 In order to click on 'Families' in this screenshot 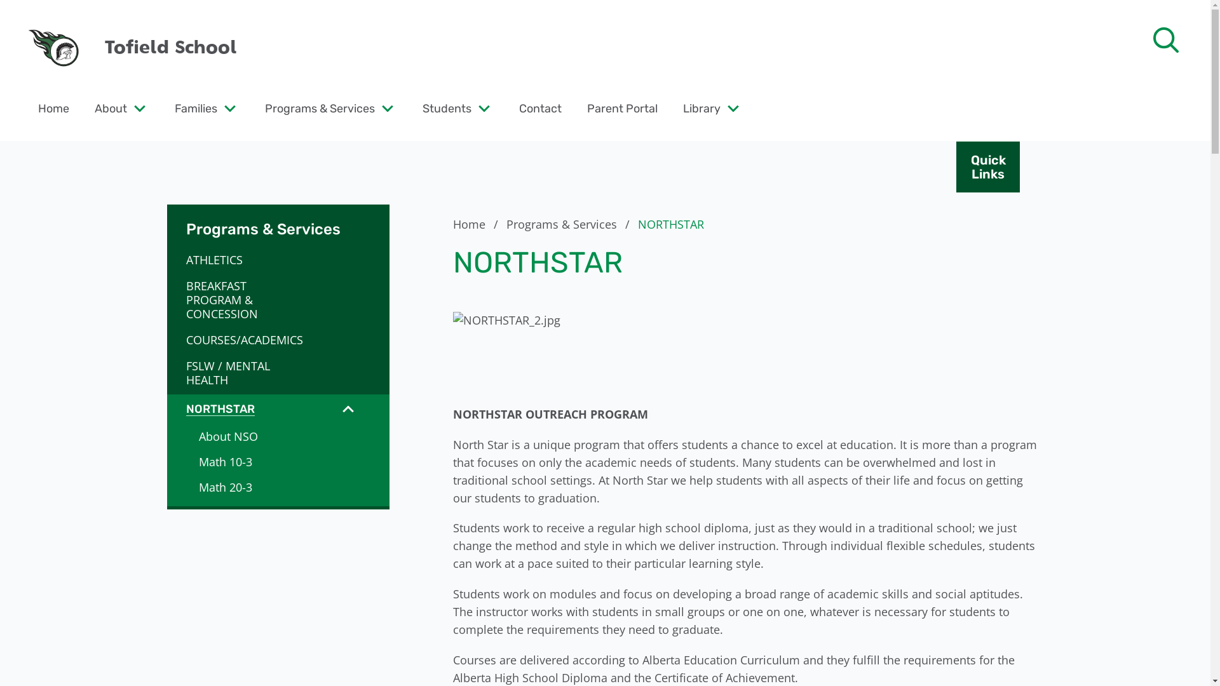, I will do `click(173, 107)`.